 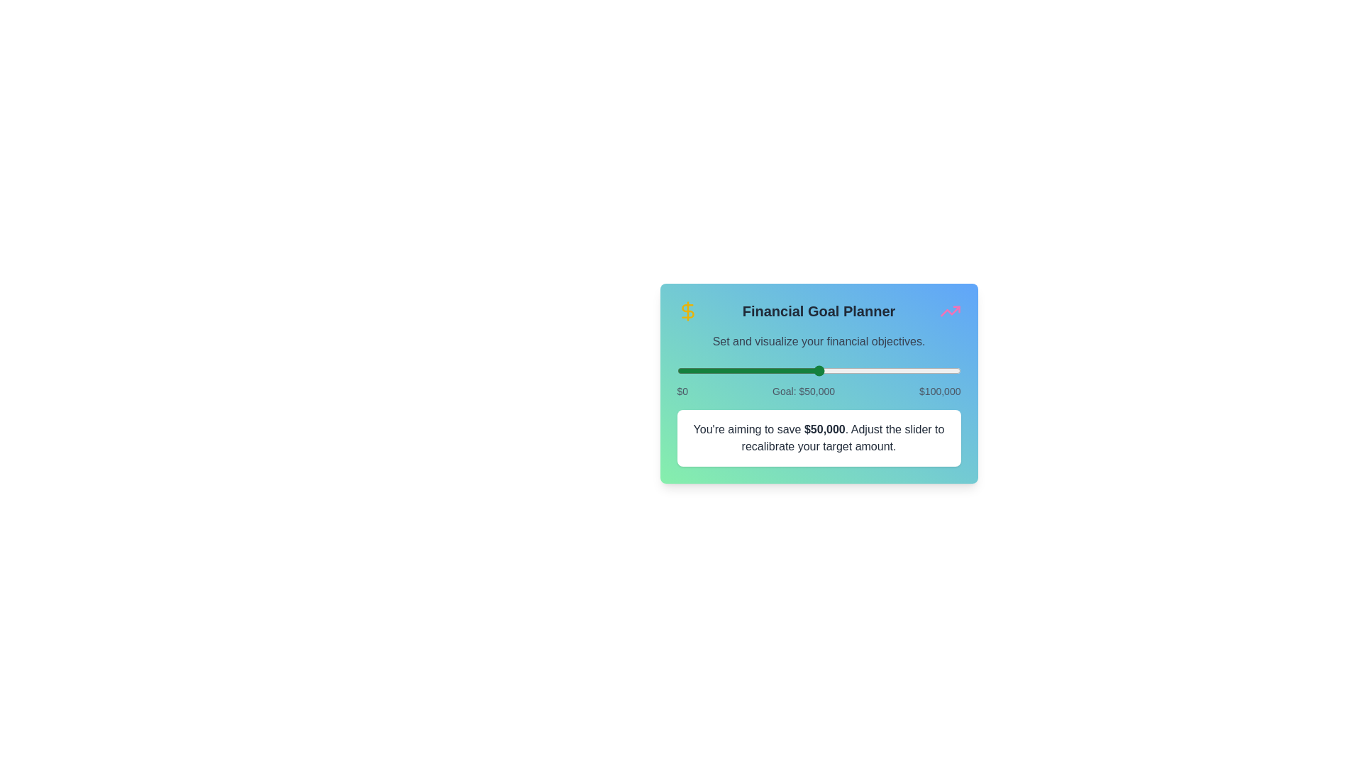 I want to click on the slider to set the financial goal to 27569 dollars, so click(x=754, y=370).